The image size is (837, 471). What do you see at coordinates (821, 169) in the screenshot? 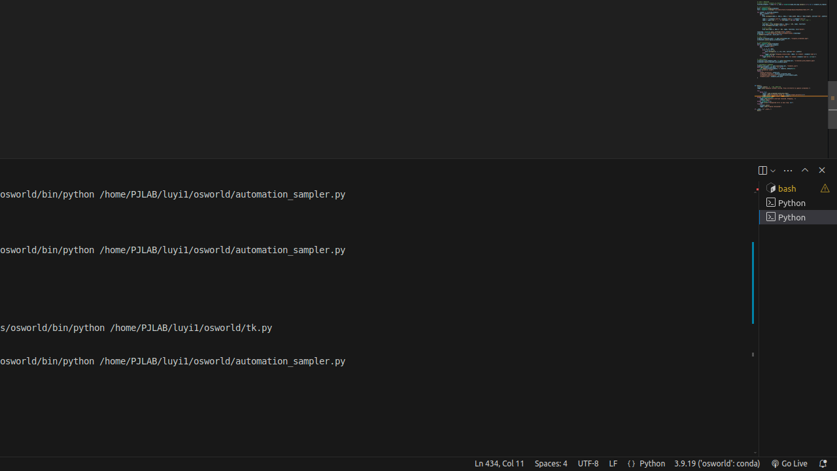
I see `'Hide Panel'` at bounding box center [821, 169].